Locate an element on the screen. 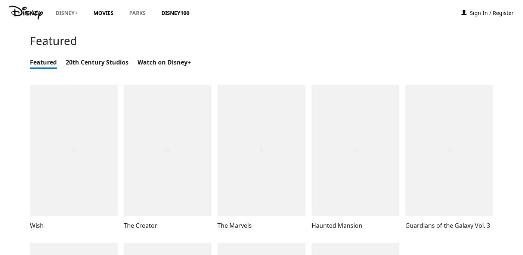 The image size is (523, 255). 'Haunted Mansion' is located at coordinates (337, 225).